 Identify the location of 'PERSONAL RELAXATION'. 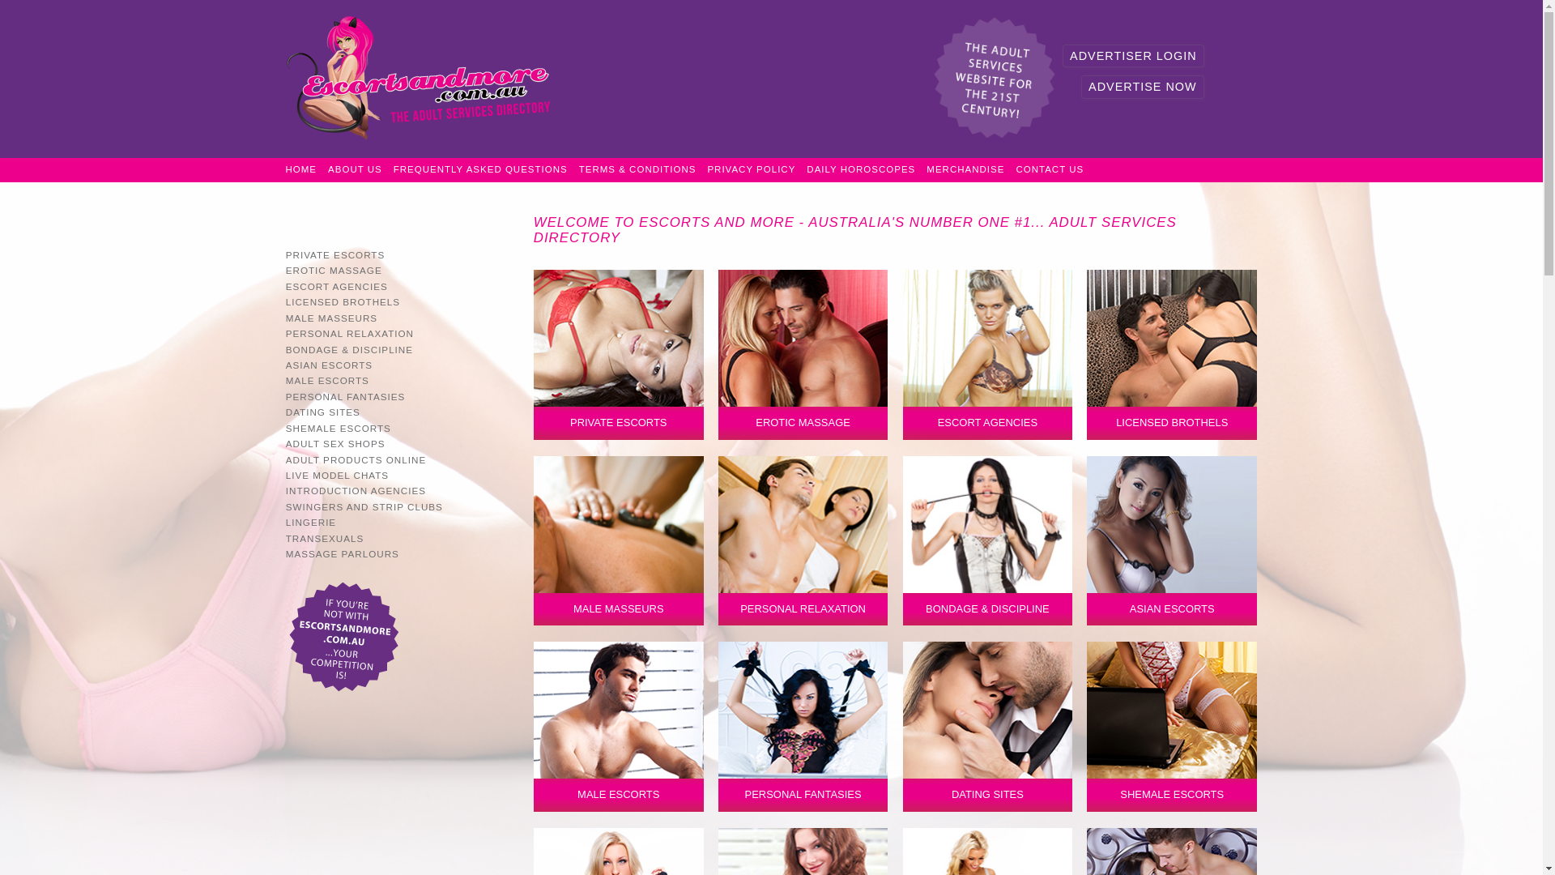
(803, 540).